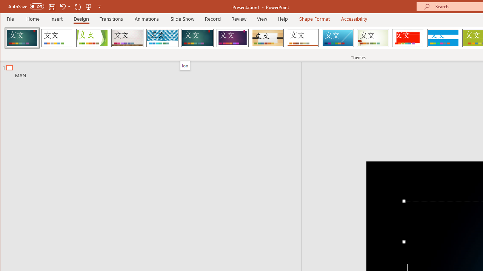 This screenshot has width=483, height=271. What do you see at coordinates (32, 18) in the screenshot?
I see `'Home'` at bounding box center [32, 18].